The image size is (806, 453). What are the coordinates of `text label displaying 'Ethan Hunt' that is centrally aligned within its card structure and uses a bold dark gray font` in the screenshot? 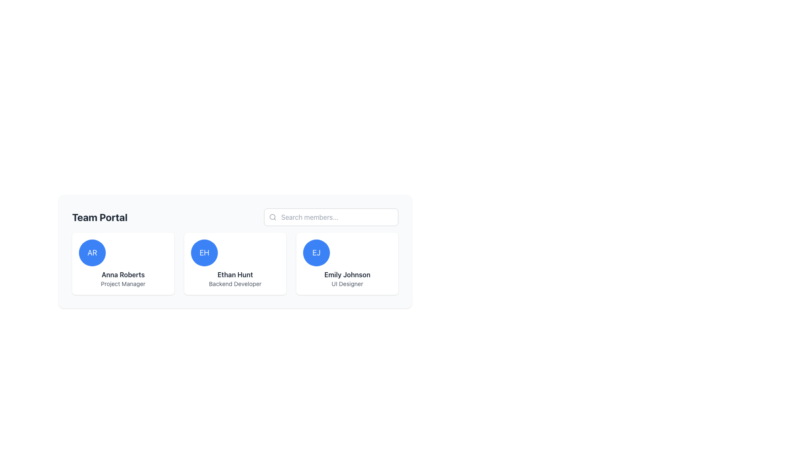 It's located at (235, 275).